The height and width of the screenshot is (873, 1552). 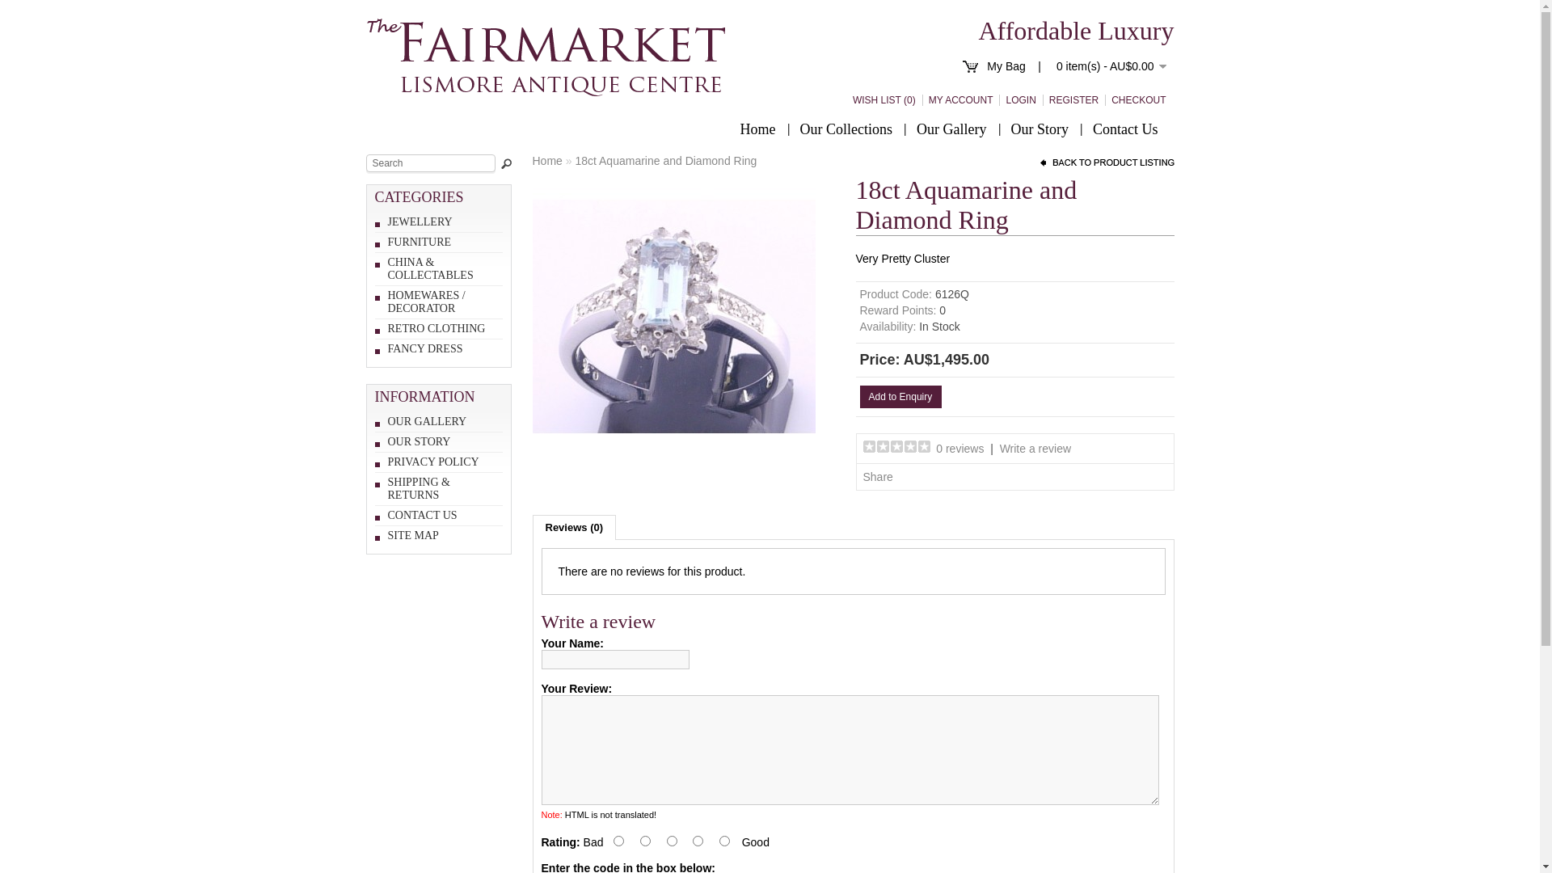 I want to click on 'Add to Enquiry', so click(x=859, y=396).